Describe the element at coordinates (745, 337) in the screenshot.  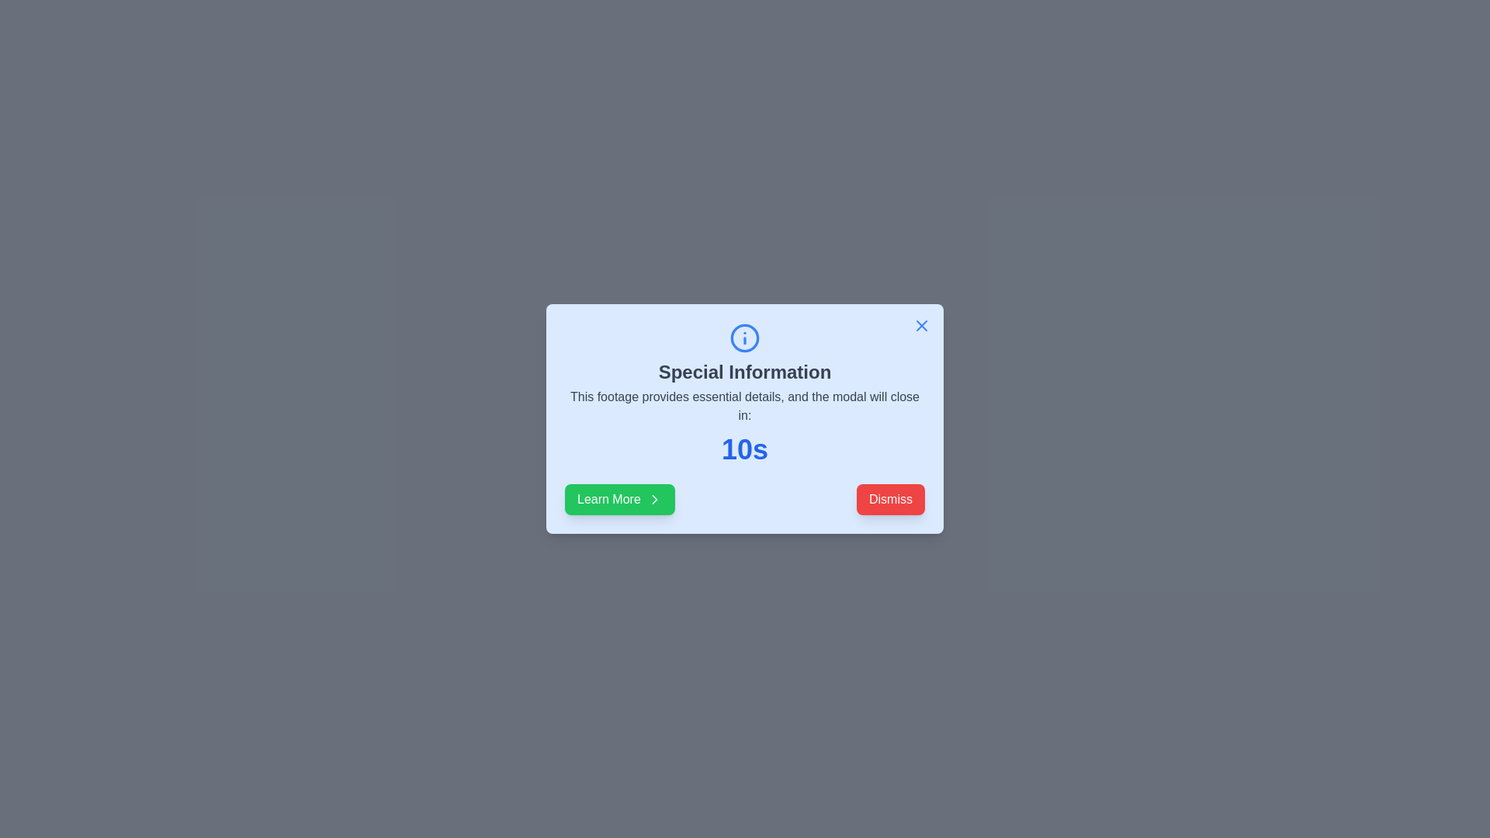
I see `the Icon graphic (SVG) located at the top of the modal dialog, above the title text 'Special Information', which is centered horizontally in the modal` at that location.